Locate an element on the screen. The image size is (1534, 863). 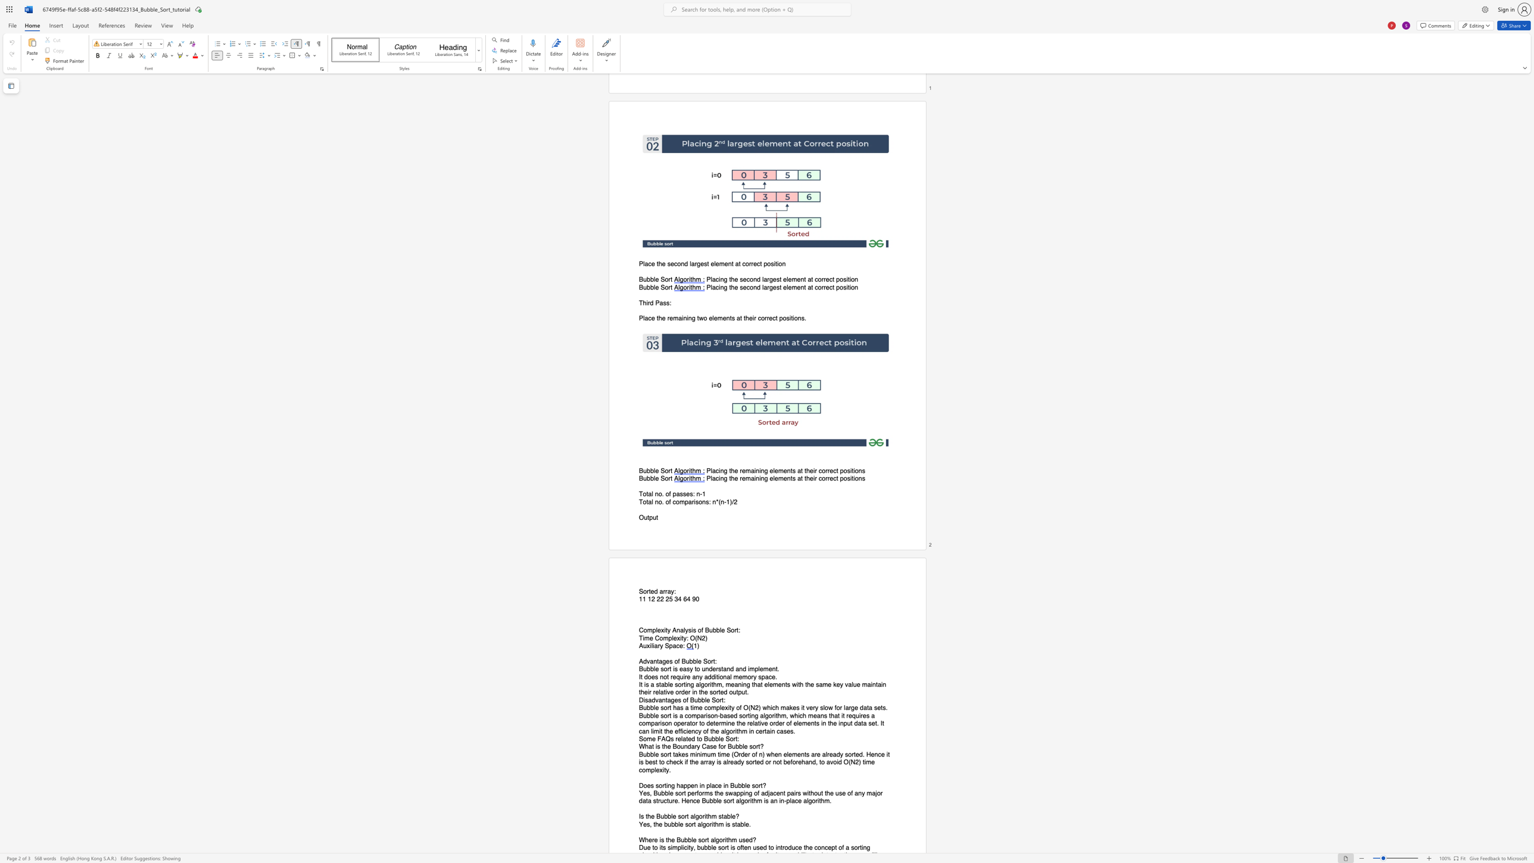
the 1th character "a" in the text is located at coordinates (650, 494).